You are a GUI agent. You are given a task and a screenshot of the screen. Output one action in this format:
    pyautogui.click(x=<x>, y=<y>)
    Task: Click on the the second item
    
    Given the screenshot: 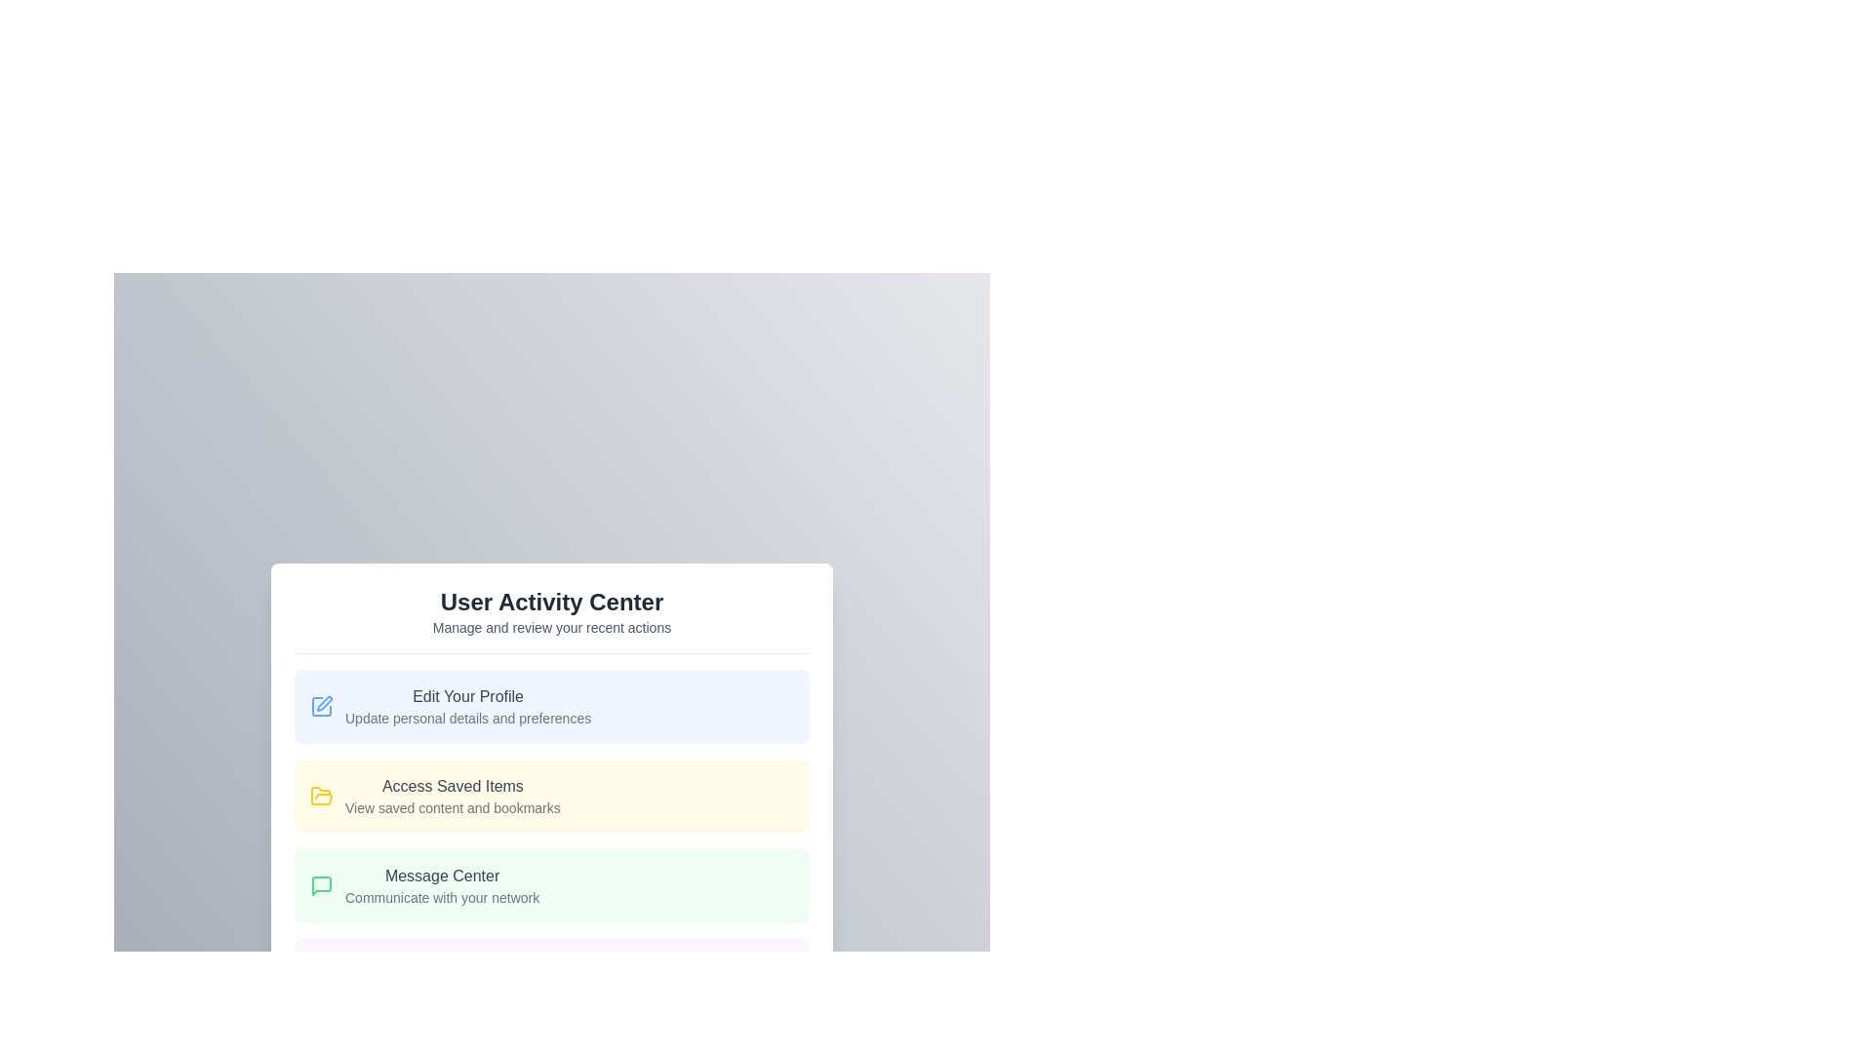 What is the action you would take?
    pyautogui.click(x=551, y=796)
    